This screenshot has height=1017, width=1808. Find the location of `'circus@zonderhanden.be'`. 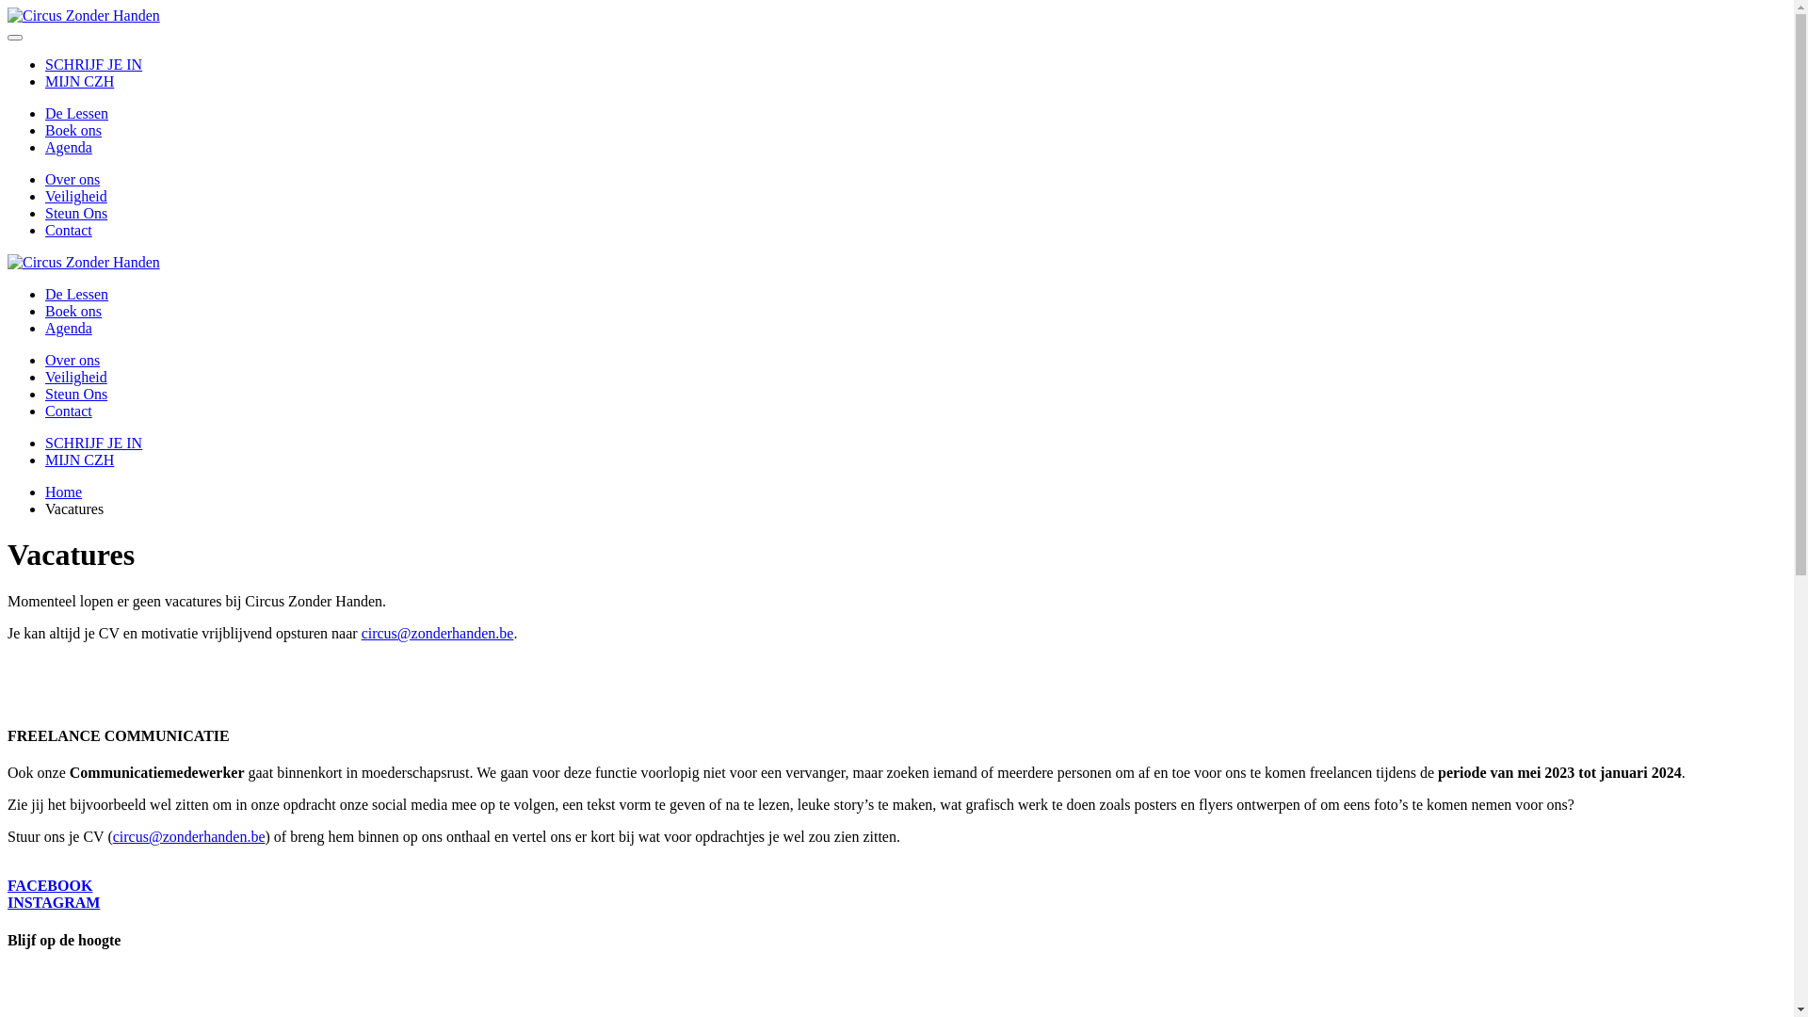

'circus@zonderhanden.be' is located at coordinates (189, 835).